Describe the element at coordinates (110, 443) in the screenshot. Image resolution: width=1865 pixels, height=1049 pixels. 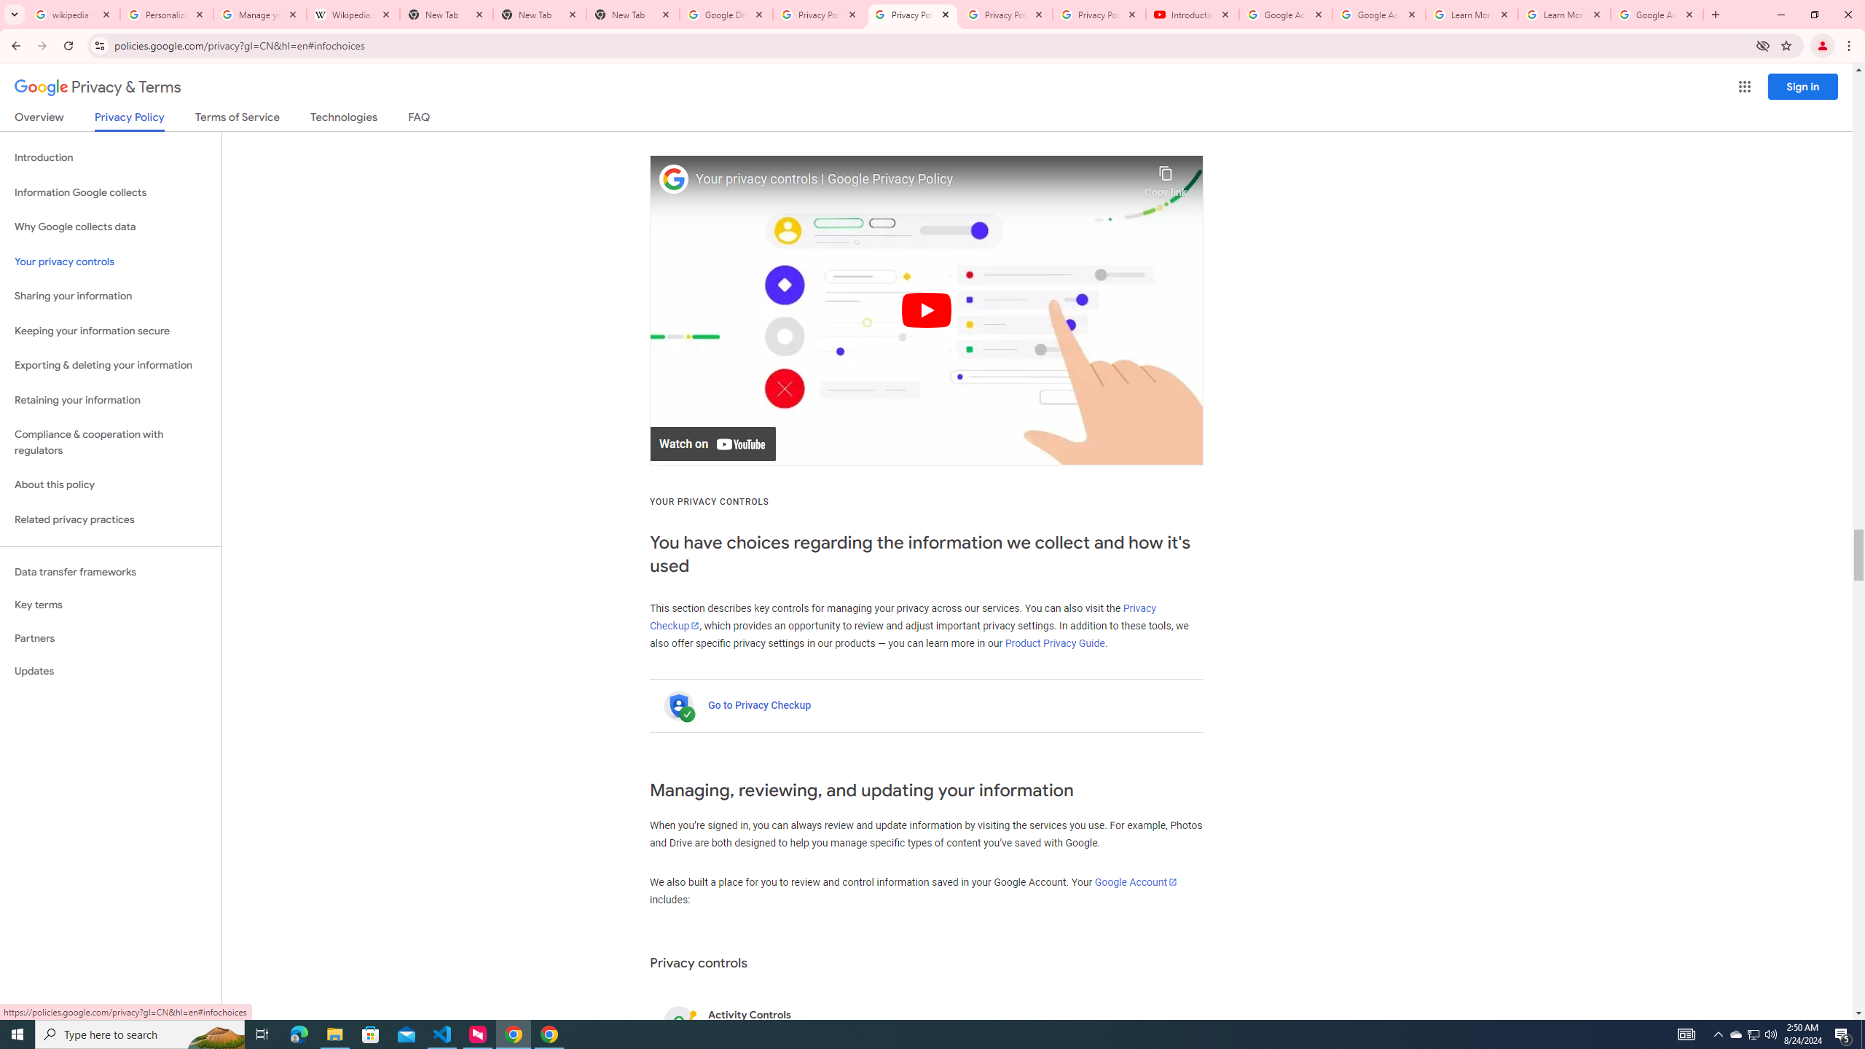
I see `'Compliance & cooperation with regulators'` at that location.